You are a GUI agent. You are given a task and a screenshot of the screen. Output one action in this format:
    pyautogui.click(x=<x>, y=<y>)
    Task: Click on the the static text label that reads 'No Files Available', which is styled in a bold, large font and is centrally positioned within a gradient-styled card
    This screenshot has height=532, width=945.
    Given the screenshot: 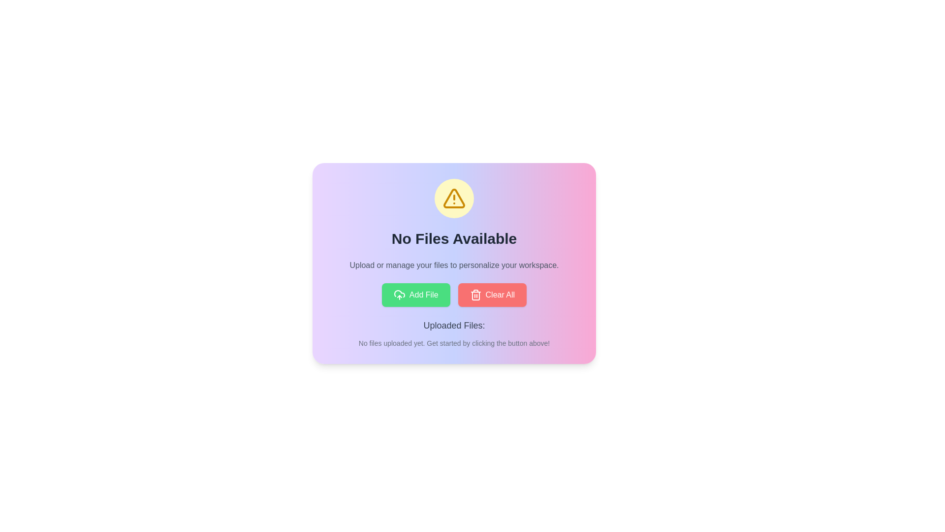 What is the action you would take?
    pyautogui.click(x=453, y=239)
    